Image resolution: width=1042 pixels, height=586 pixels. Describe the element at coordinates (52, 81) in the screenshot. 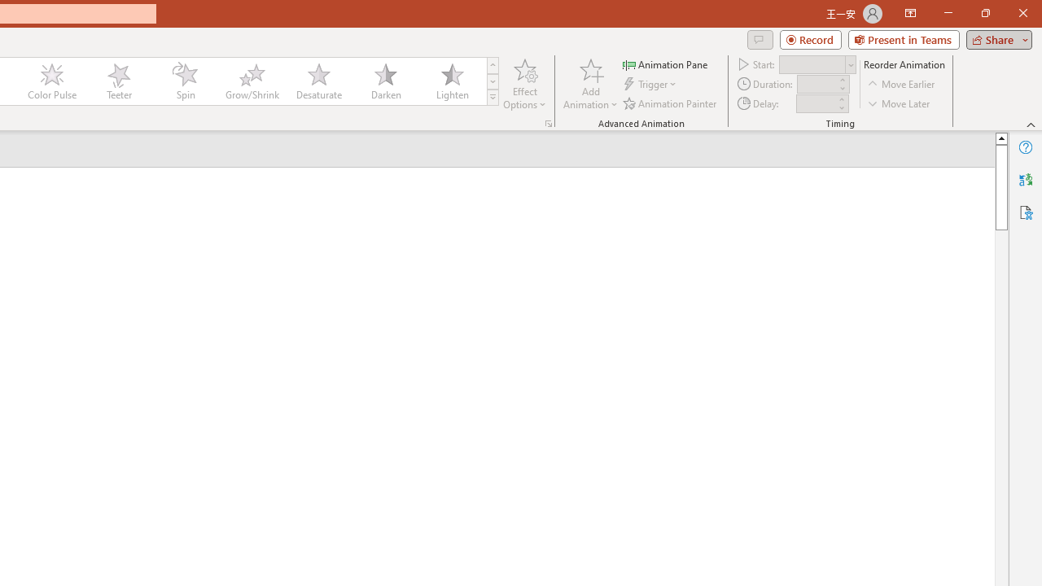

I see `'Color Pulse'` at that location.